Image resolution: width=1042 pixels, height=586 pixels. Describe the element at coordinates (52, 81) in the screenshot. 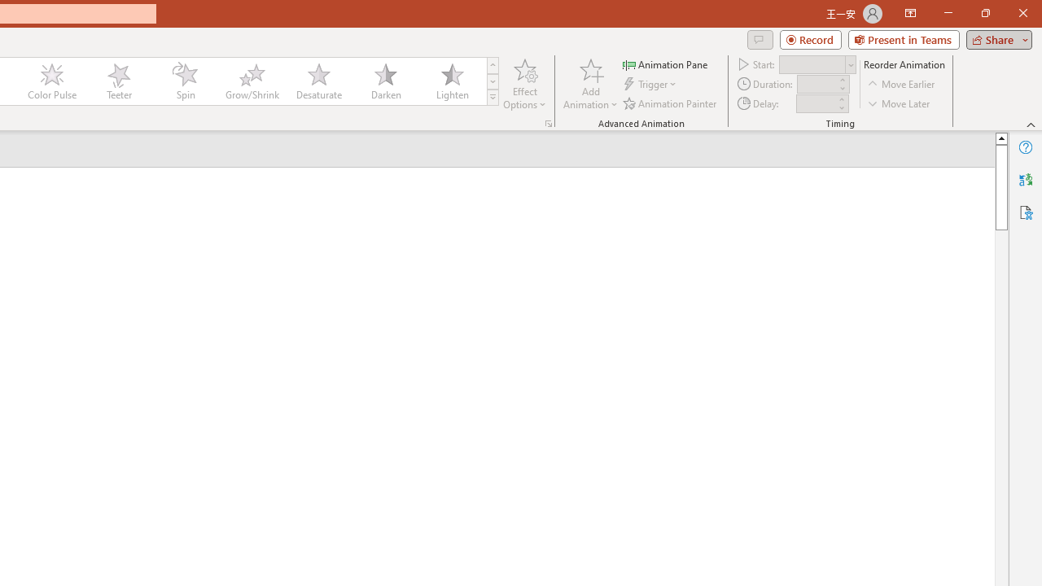

I see `'Color Pulse'` at that location.